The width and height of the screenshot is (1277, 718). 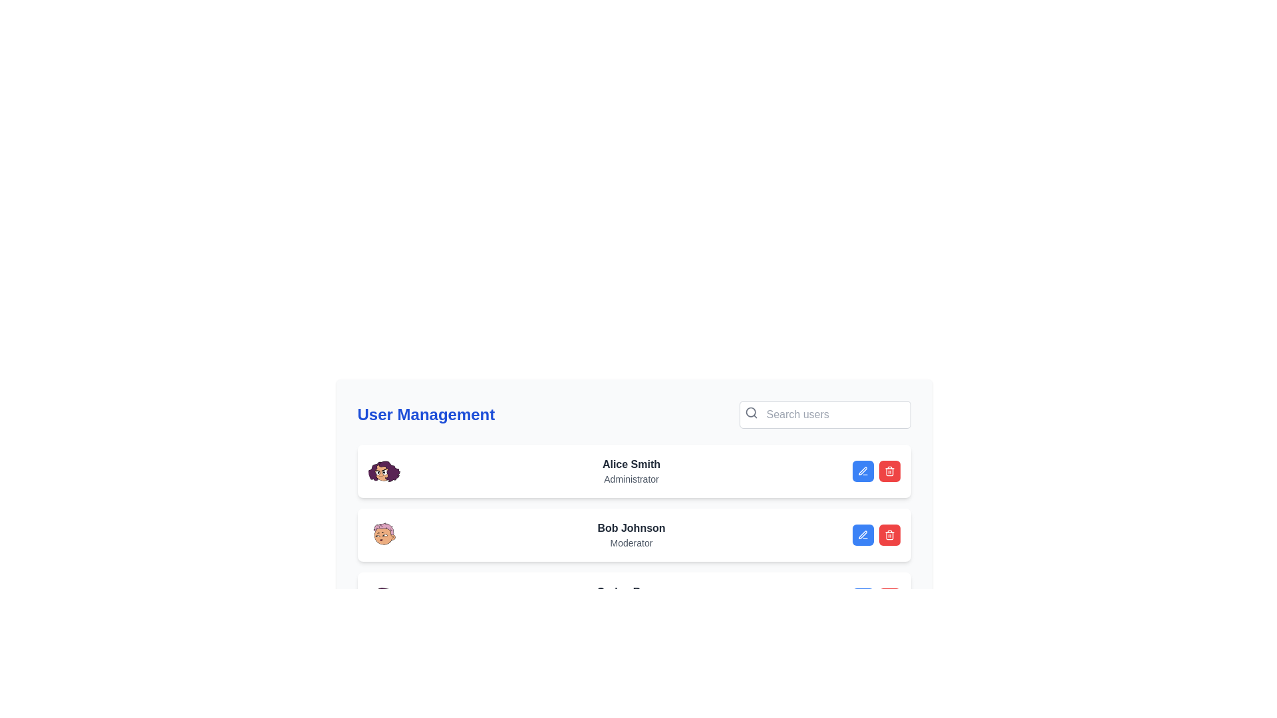 I want to click on the 'Edit' button associated with 'Alice Smith, Administrator' to potentially reveal tooltips or additional details, so click(x=863, y=471).